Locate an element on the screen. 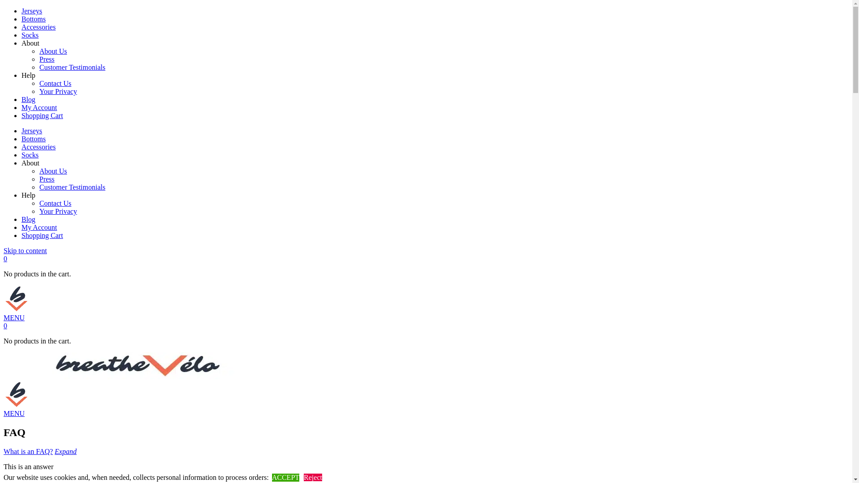  'Expand' is located at coordinates (65, 451).